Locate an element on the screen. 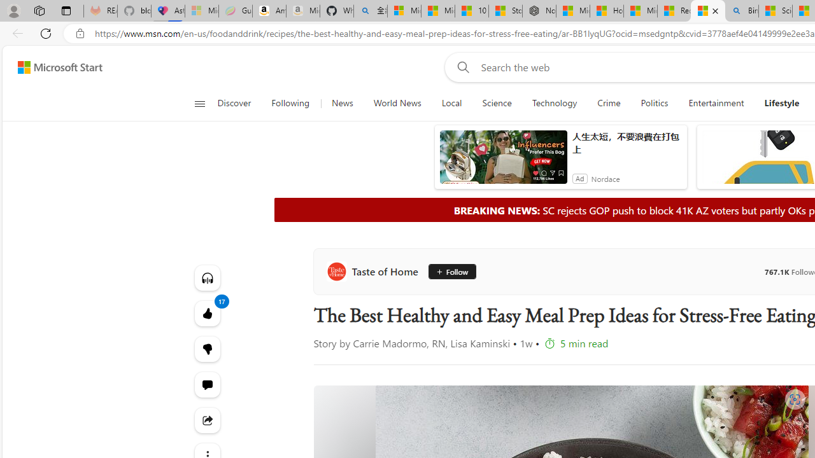 The height and width of the screenshot is (458, 815). 'Class: button-glyph' is located at coordinates (199, 103).